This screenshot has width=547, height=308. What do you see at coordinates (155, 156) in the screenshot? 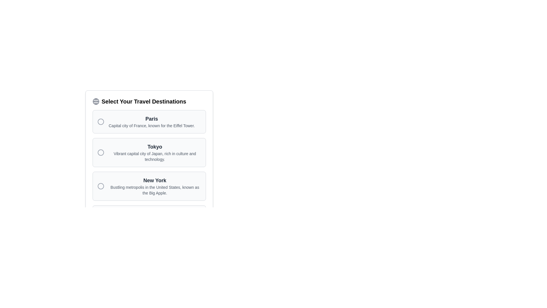
I see `the supporting text that reads 'Vibrant capital city of Japan, rich in culture and technology', located below 'Tokyo' in the 'Select Your Travel Destinations' section` at bounding box center [155, 156].